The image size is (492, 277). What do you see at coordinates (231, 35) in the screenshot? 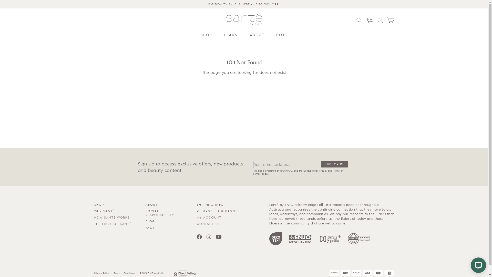
I see `'LEARN'` at bounding box center [231, 35].